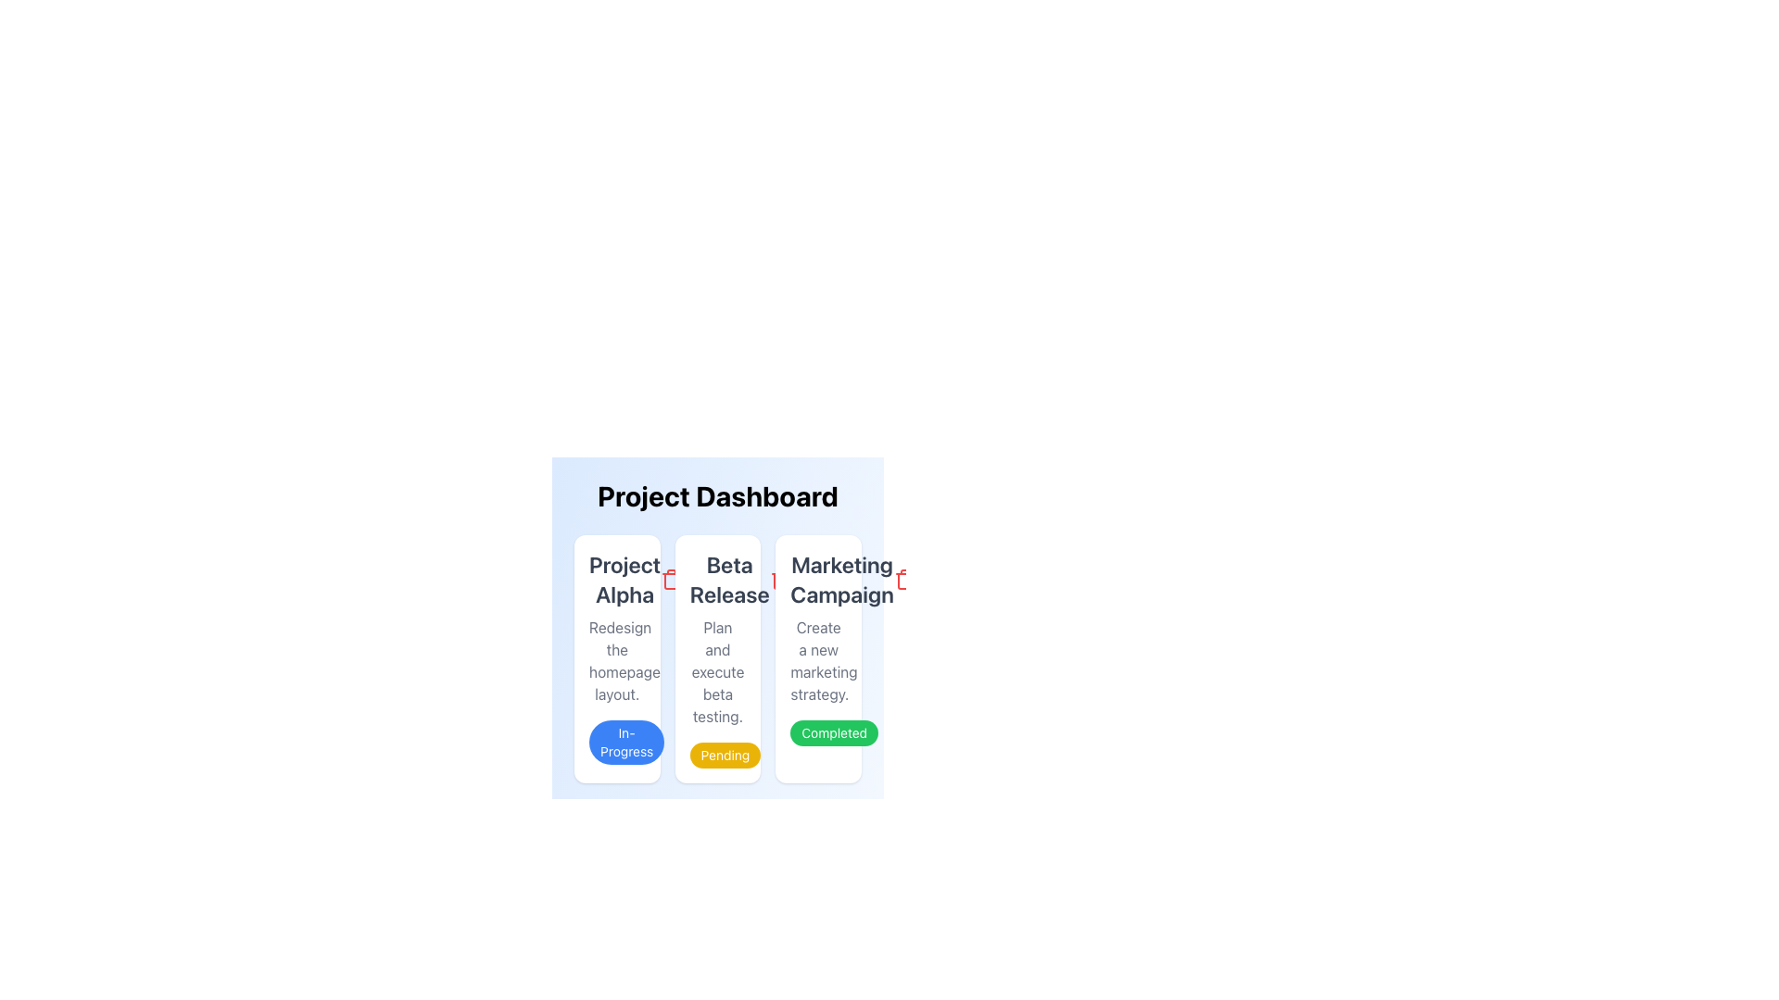 Image resolution: width=1779 pixels, height=1000 pixels. Describe the element at coordinates (625, 578) in the screenshot. I see `the project title Text Label at the top of the leftmost project card` at that location.